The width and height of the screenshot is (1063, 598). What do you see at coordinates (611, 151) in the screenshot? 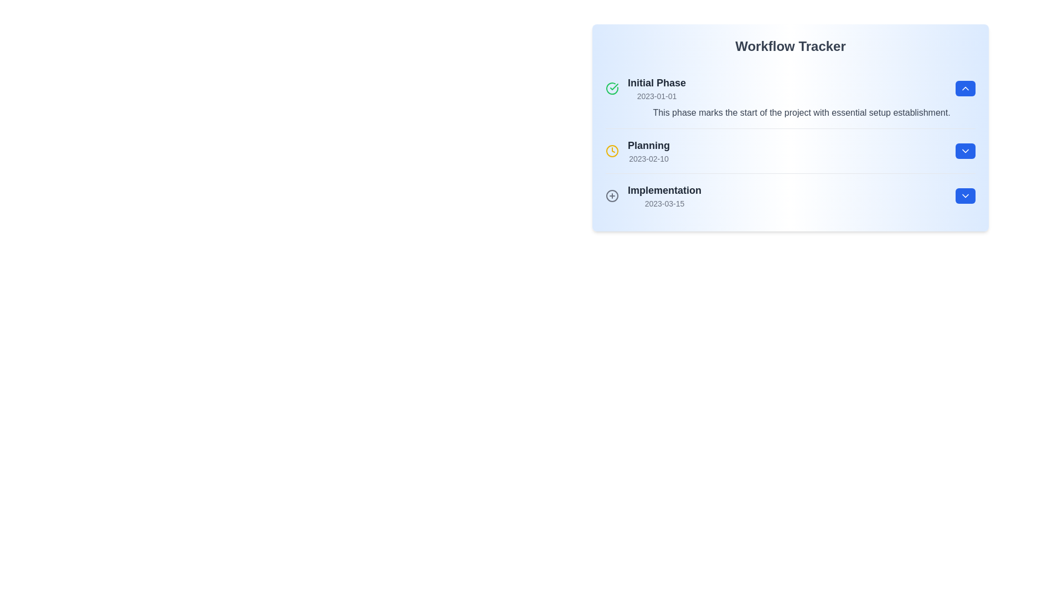
I see `the clock icon that indicates temporal or timing-related information for the 'Planning' workflow segment, located to the left of the text 'Planning'` at bounding box center [611, 151].